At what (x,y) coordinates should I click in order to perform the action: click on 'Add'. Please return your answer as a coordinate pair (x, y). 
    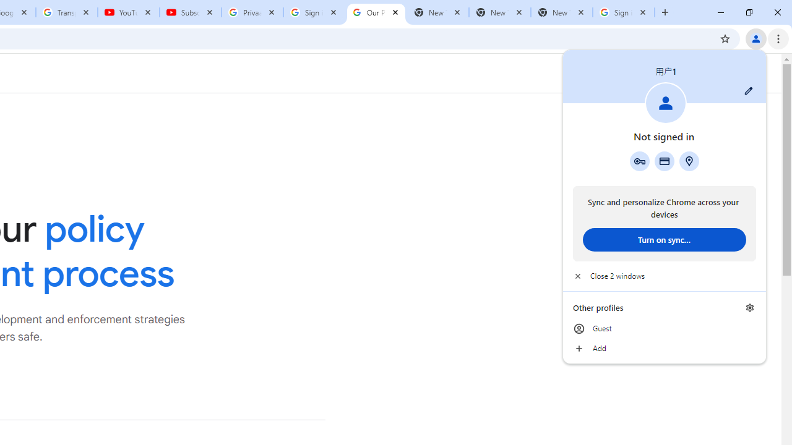
    Looking at the image, I should click on (663, 349).